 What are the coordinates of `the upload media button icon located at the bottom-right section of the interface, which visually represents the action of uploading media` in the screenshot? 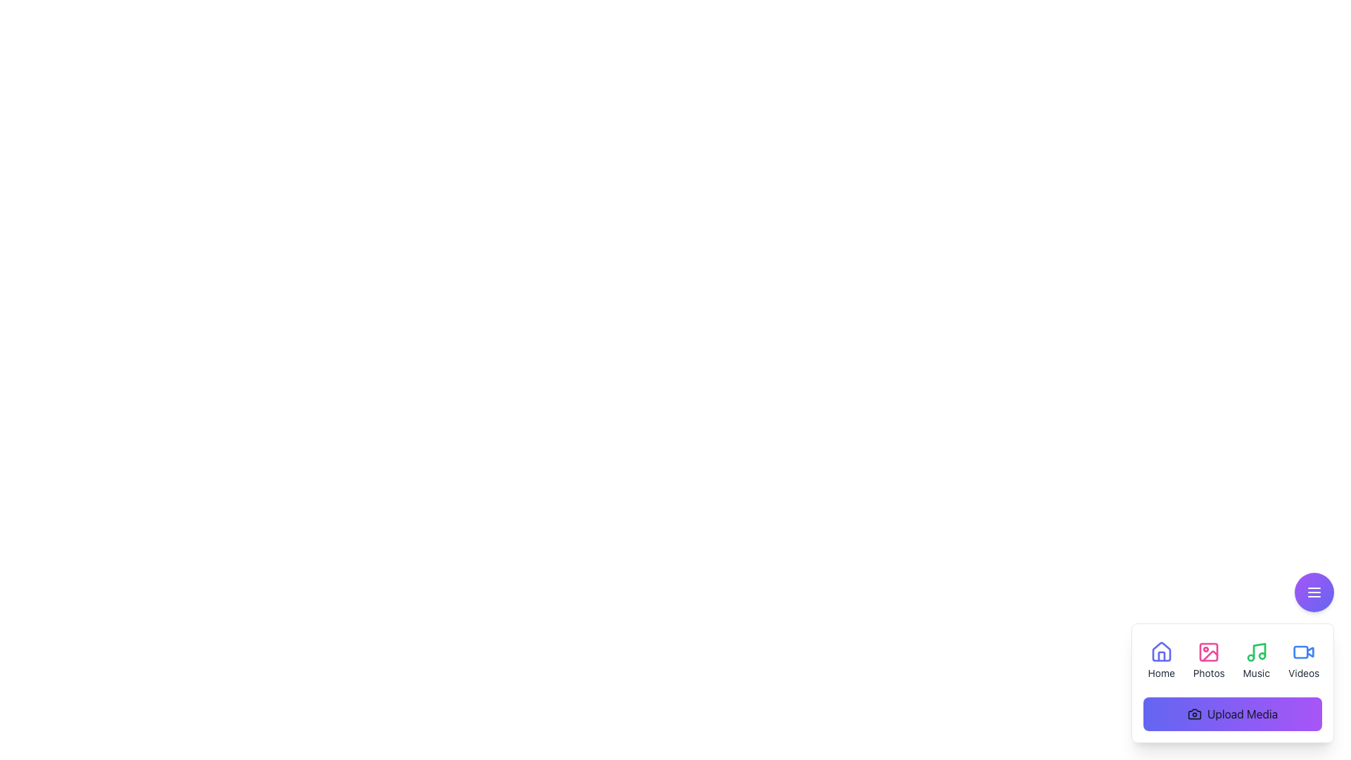 It's located at (1193, 714).